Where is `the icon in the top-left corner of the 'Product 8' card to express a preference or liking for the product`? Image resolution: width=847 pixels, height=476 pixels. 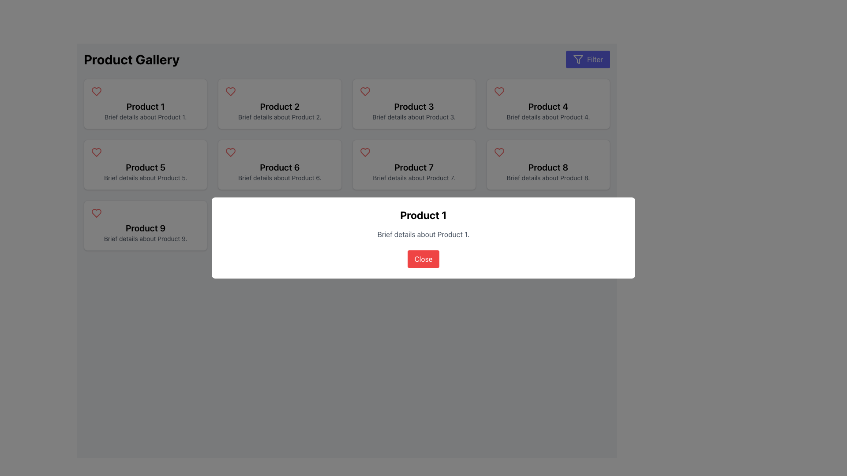 the icon in the top-left corner of the 'Product 8' card to express a preference or liking for the product is located at coordinates (499, 152).